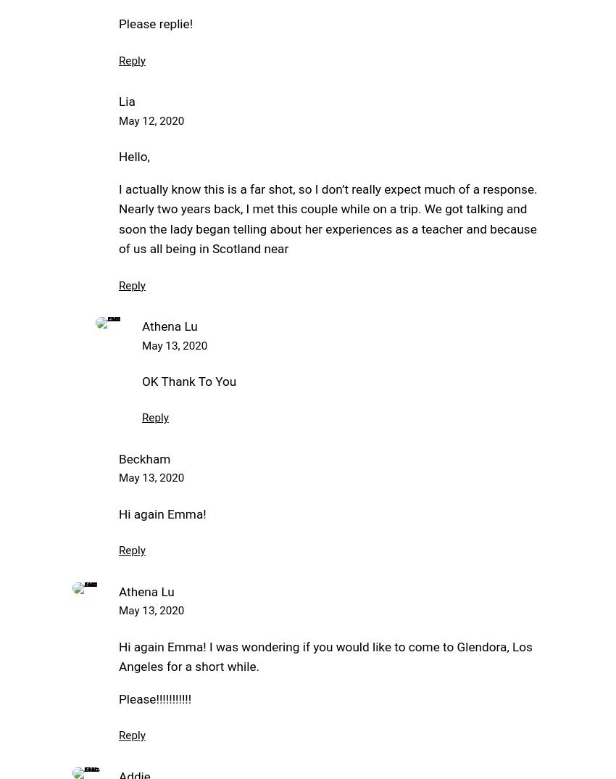 The image size is (616, 779). Describe the element at coordinates (324, 655) in the screenshot. I see `'Hi again Emma! I was wondering if you would like to come to Glendora,  Los Angeles for a short while.'` at that location.